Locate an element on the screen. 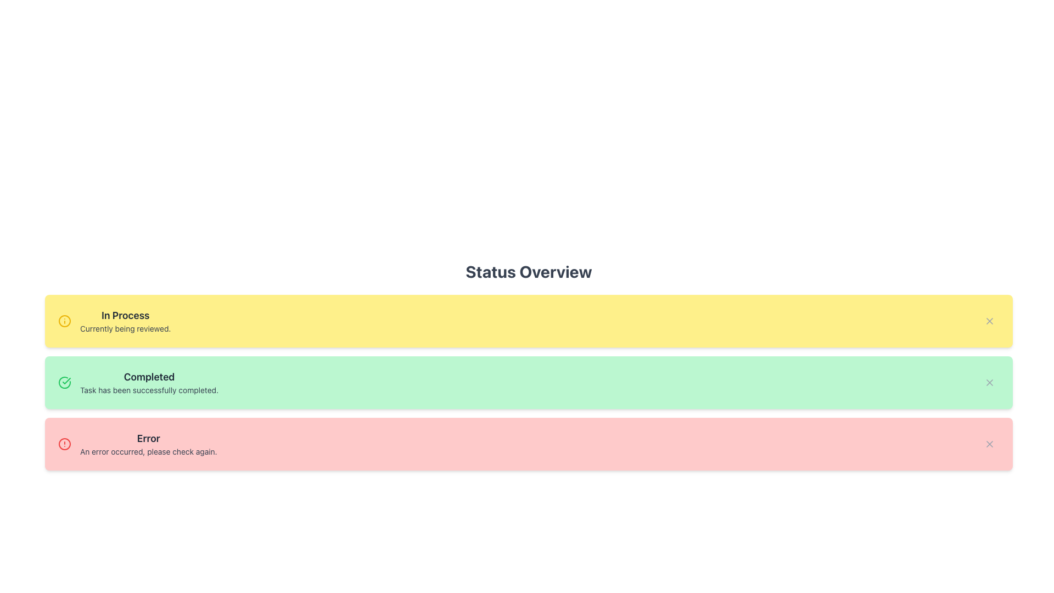  the error message text block located in the 'Error' message section, which is identified by its red background box on the left side of the last row of status sections is located at coordinates (137, 444).